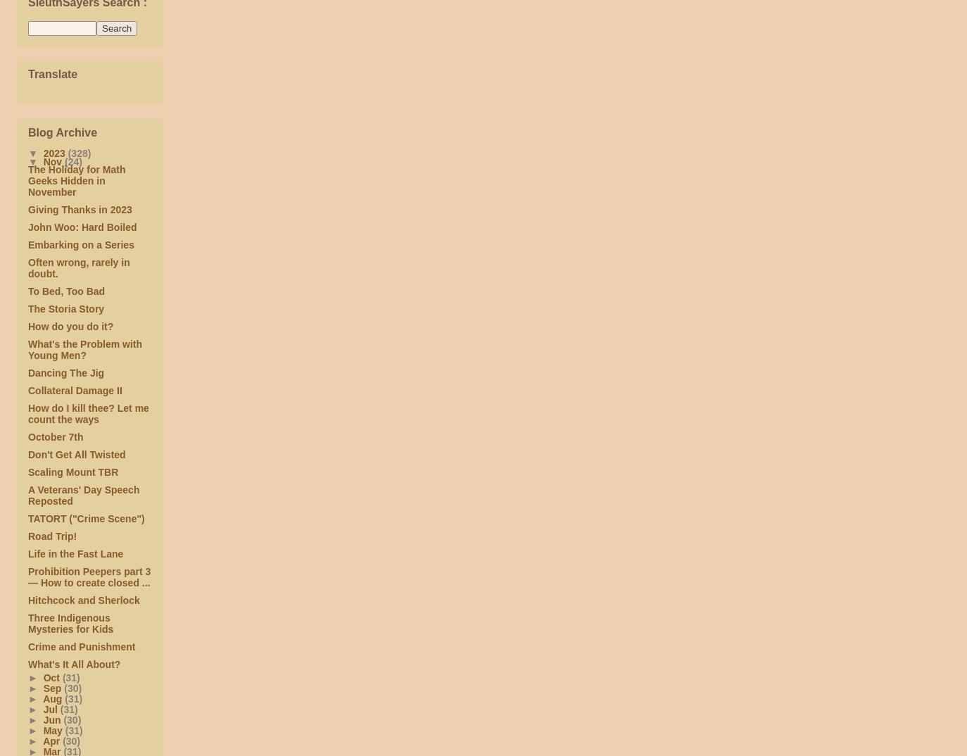 The image size is (967, 756). Describe the element at coordinates (77, 267) in the screenshot. I see `'Often wrong, rarely in doubt.'` at that location.